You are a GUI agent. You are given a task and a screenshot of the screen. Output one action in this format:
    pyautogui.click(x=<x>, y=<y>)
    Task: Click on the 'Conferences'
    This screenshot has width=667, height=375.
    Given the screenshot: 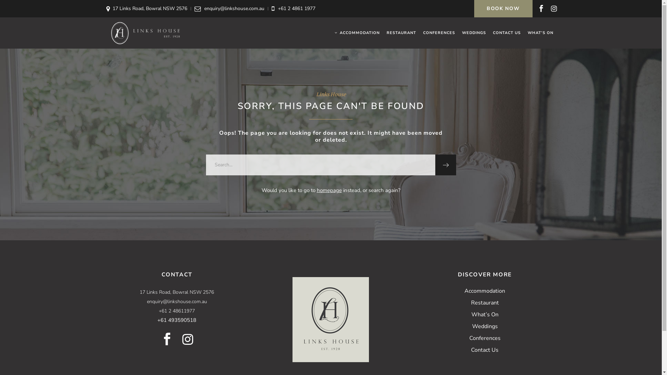 What is the action you would take?
    pyautogui.click(x=485, y=338)
    